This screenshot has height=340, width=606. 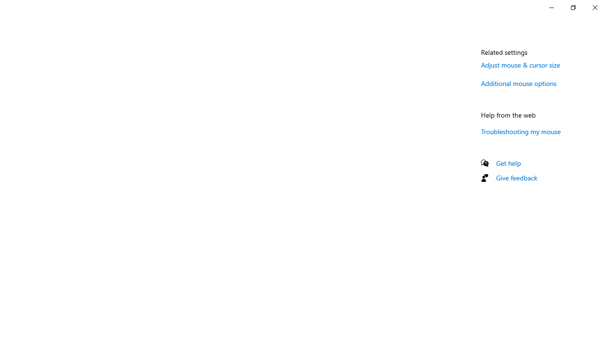 What do you see at coordinates (520, 64) in the screenshot?
I see `'Adjust mouse & cursor size'` at bounding box center [520, 64].